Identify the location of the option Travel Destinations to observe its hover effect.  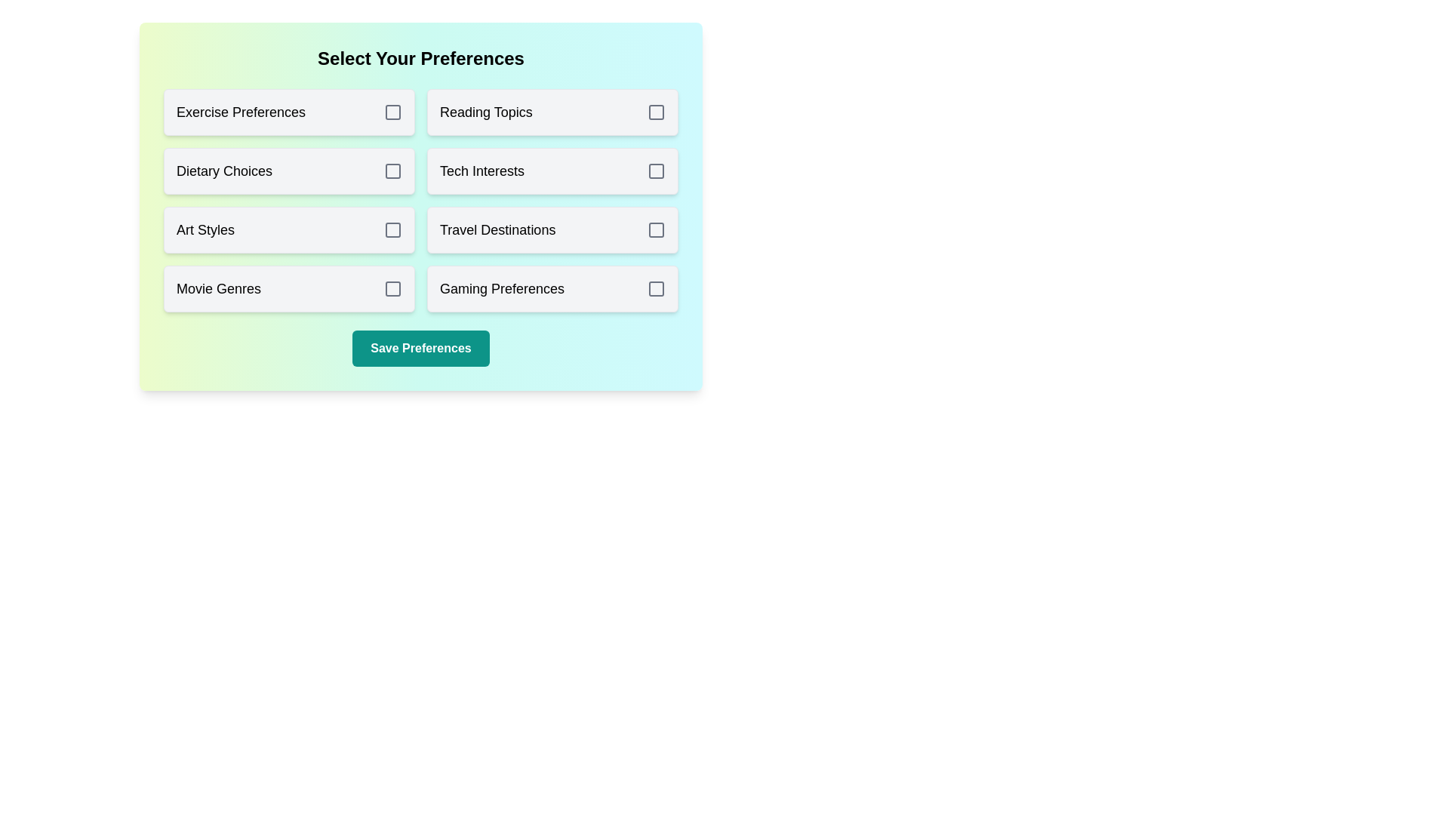
(552, 229).